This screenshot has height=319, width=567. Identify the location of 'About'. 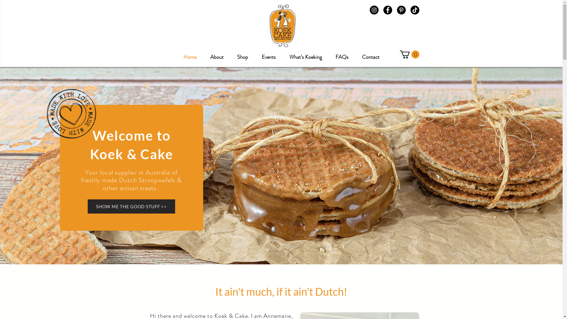
(216, 54).